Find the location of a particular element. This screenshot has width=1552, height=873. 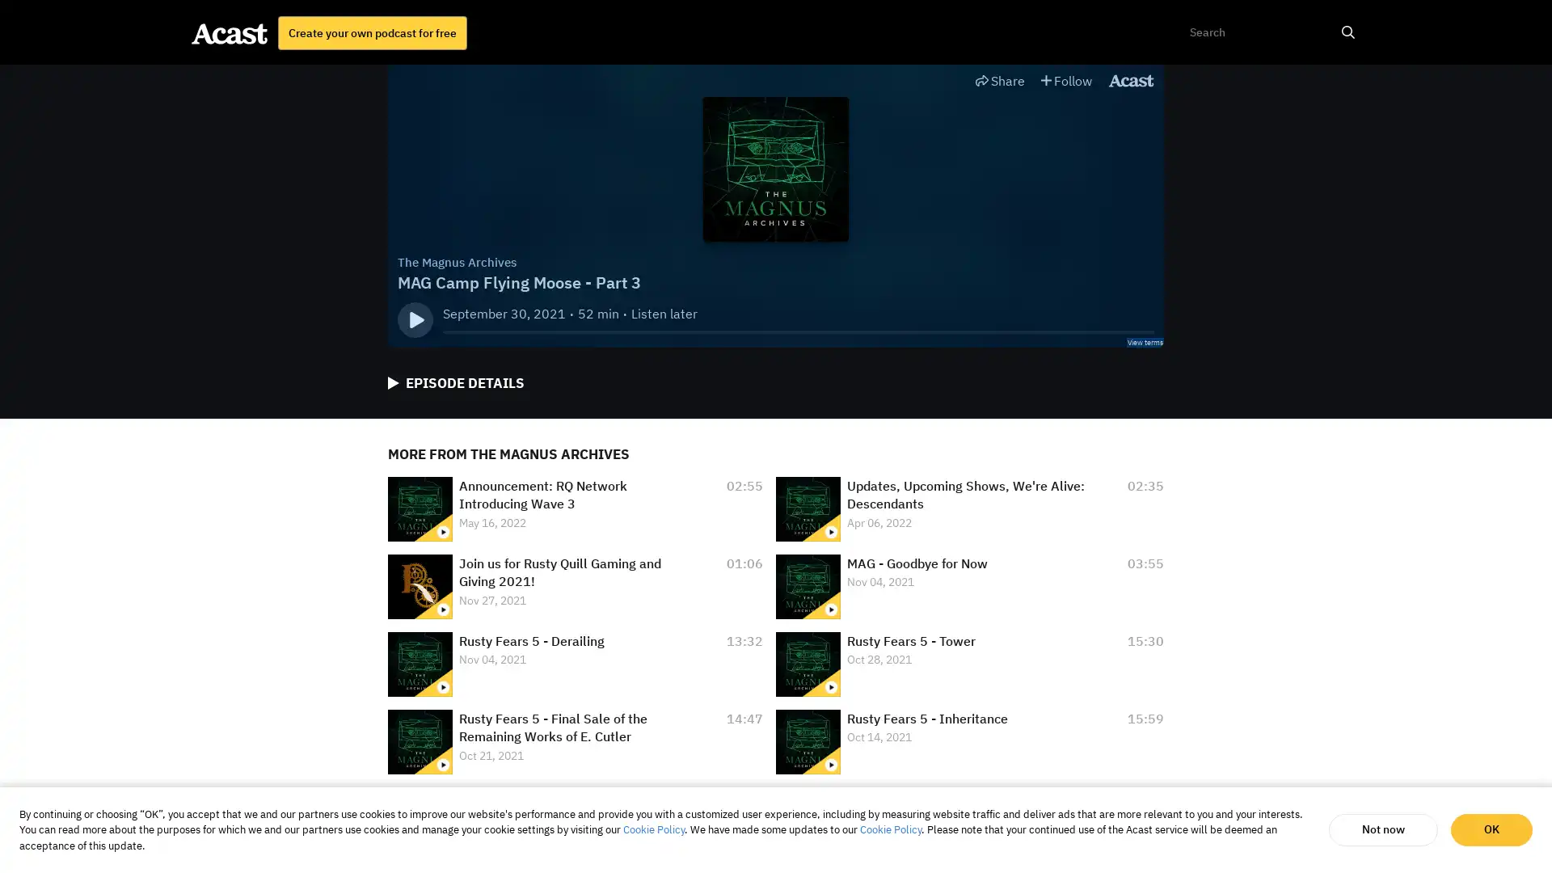

OK is located at coordinates (1491, 829).